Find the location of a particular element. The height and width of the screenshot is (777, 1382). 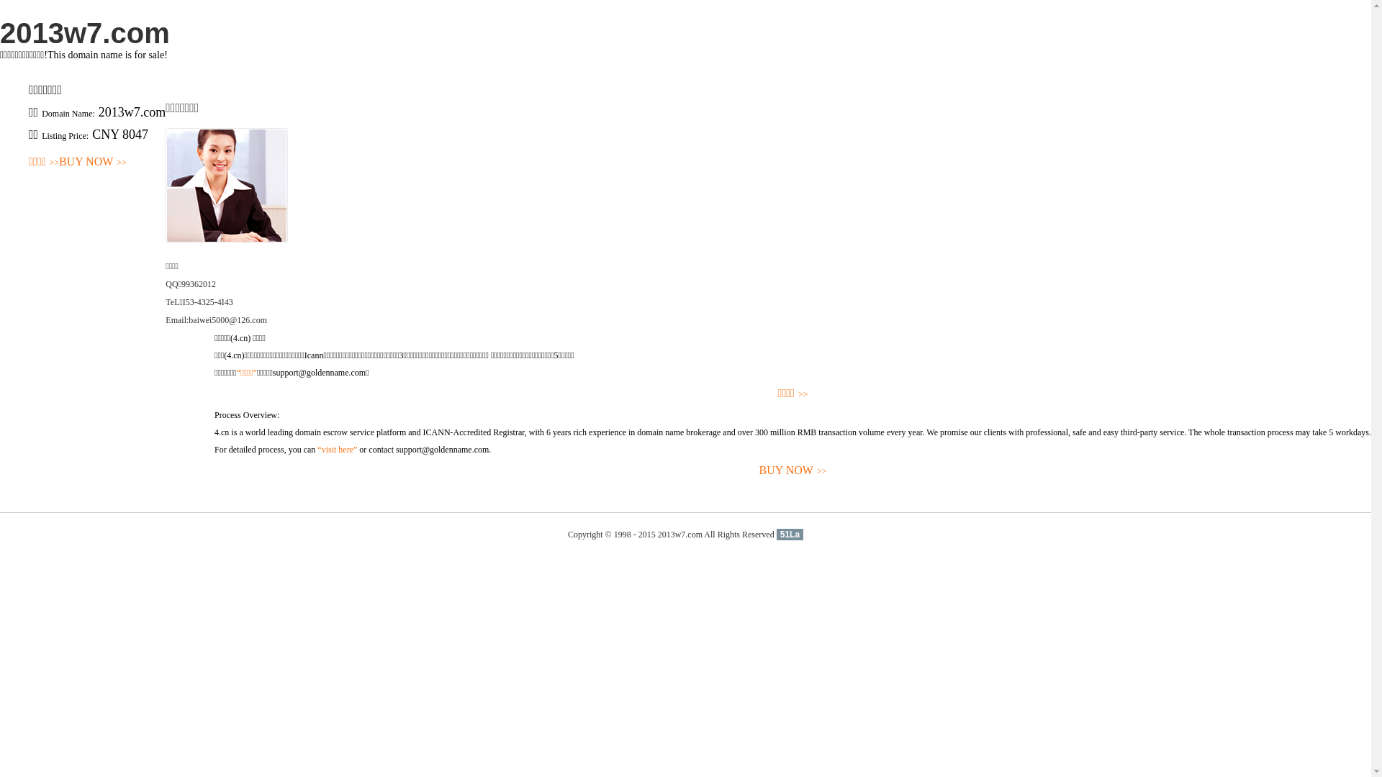

'51La' is located at coordinates (789, 535).